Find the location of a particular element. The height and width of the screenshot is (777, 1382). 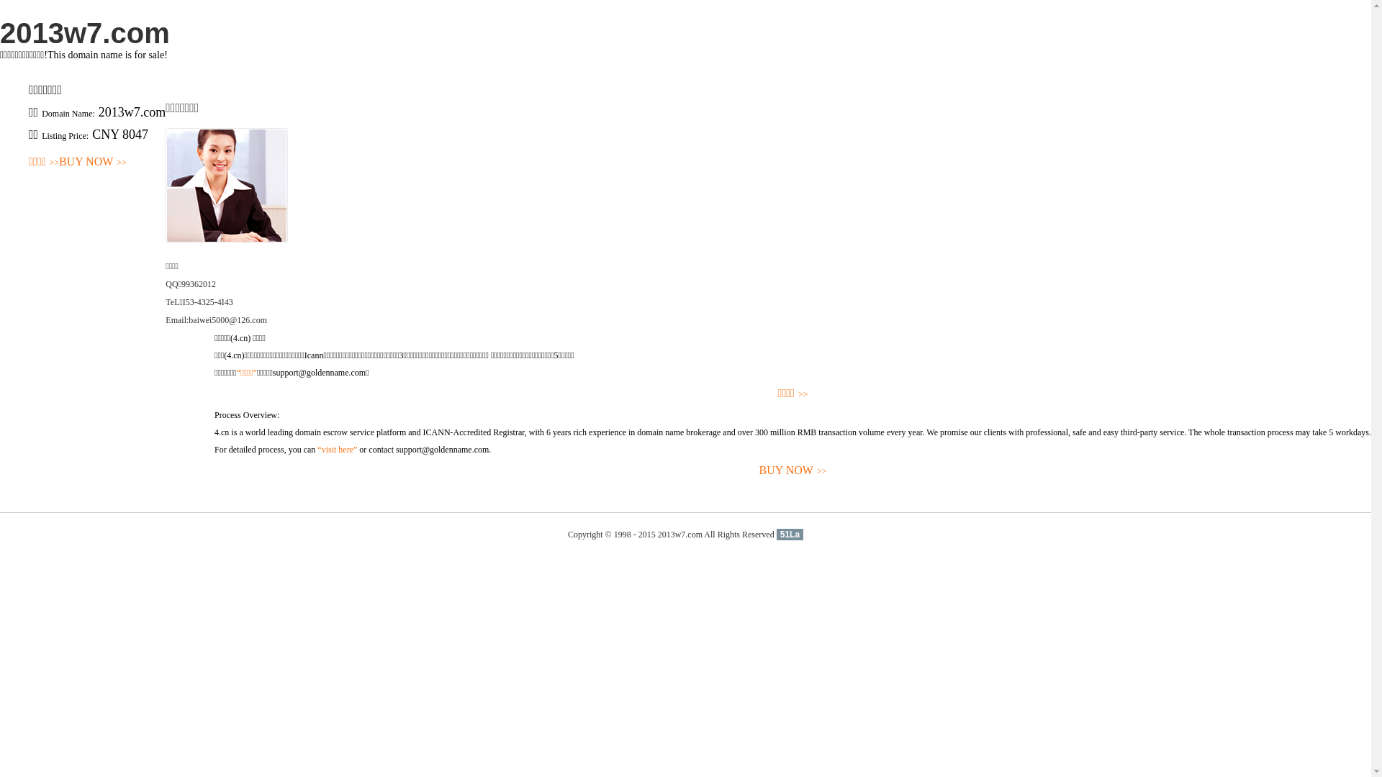

'51La' is located at coordinates (789, 535).